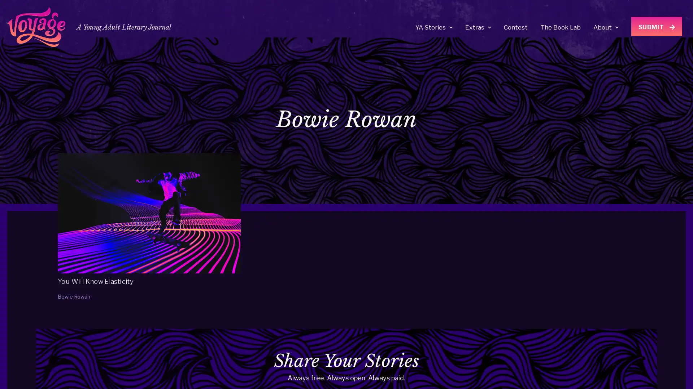  Describe the element at coordinates (657, 26) in the screenshot. I see `SUBMIT` at that location.